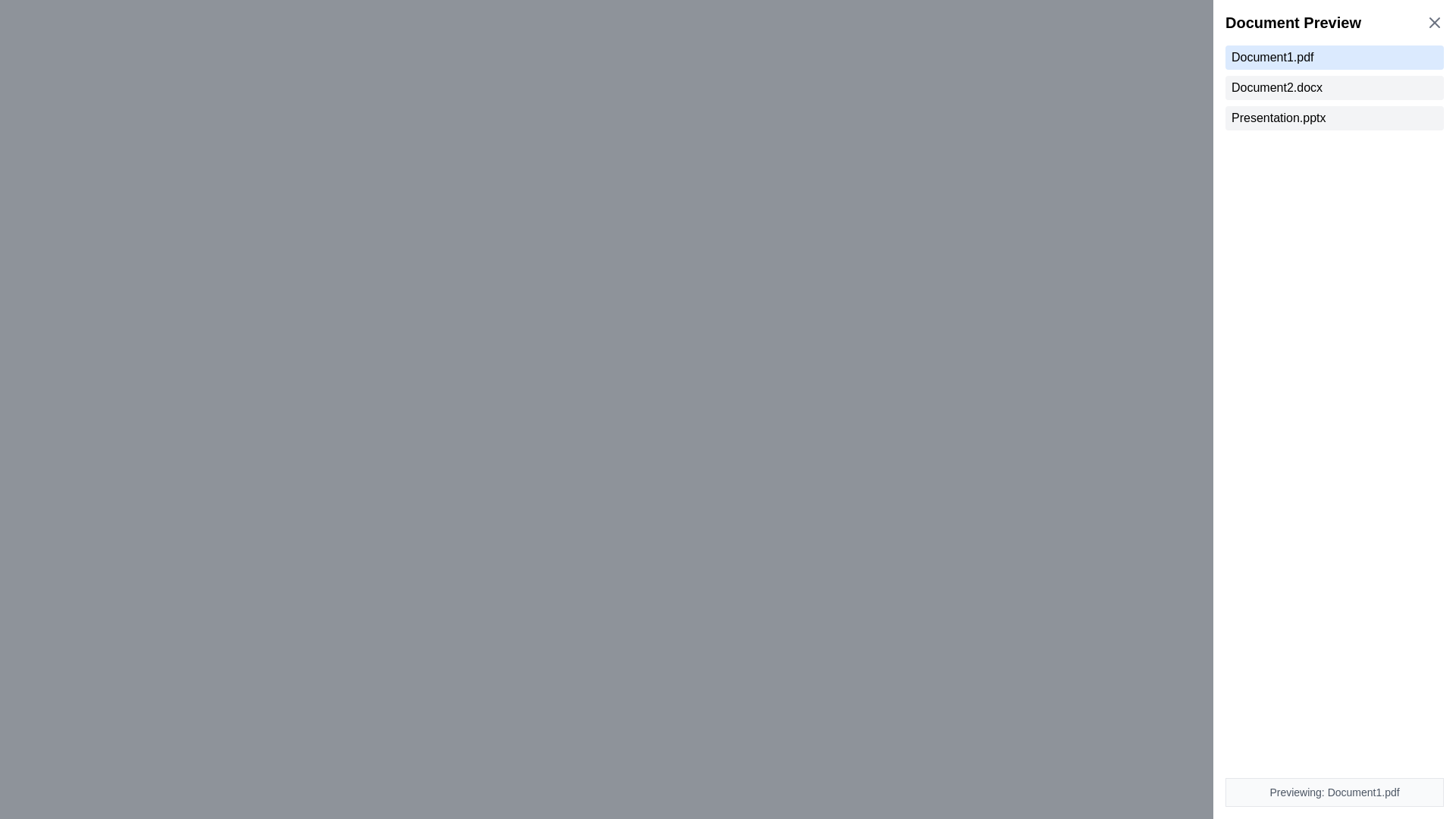 The height and width of the screenshot is (819, 1456). I want to click on the button labeled 'Document1.pdf' in the right-hand panel of the 'Document Preview' section, so click(1335, 57).